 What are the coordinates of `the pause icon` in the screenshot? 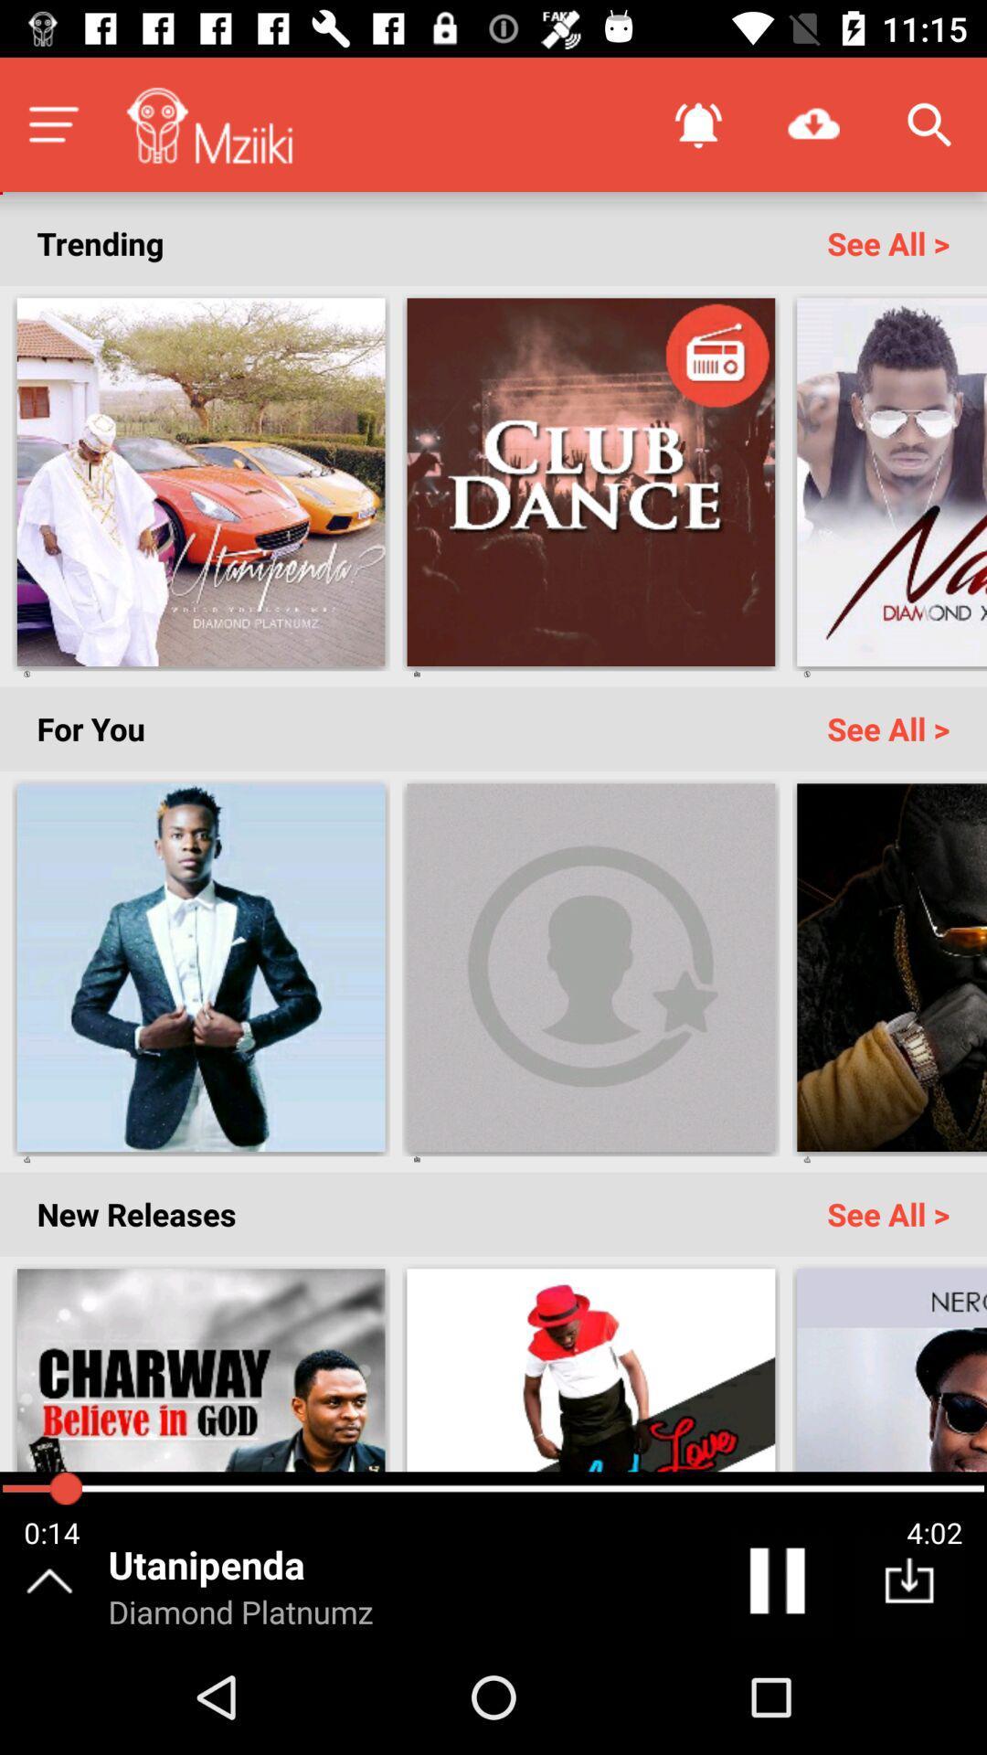 It's located at (780, 1584).